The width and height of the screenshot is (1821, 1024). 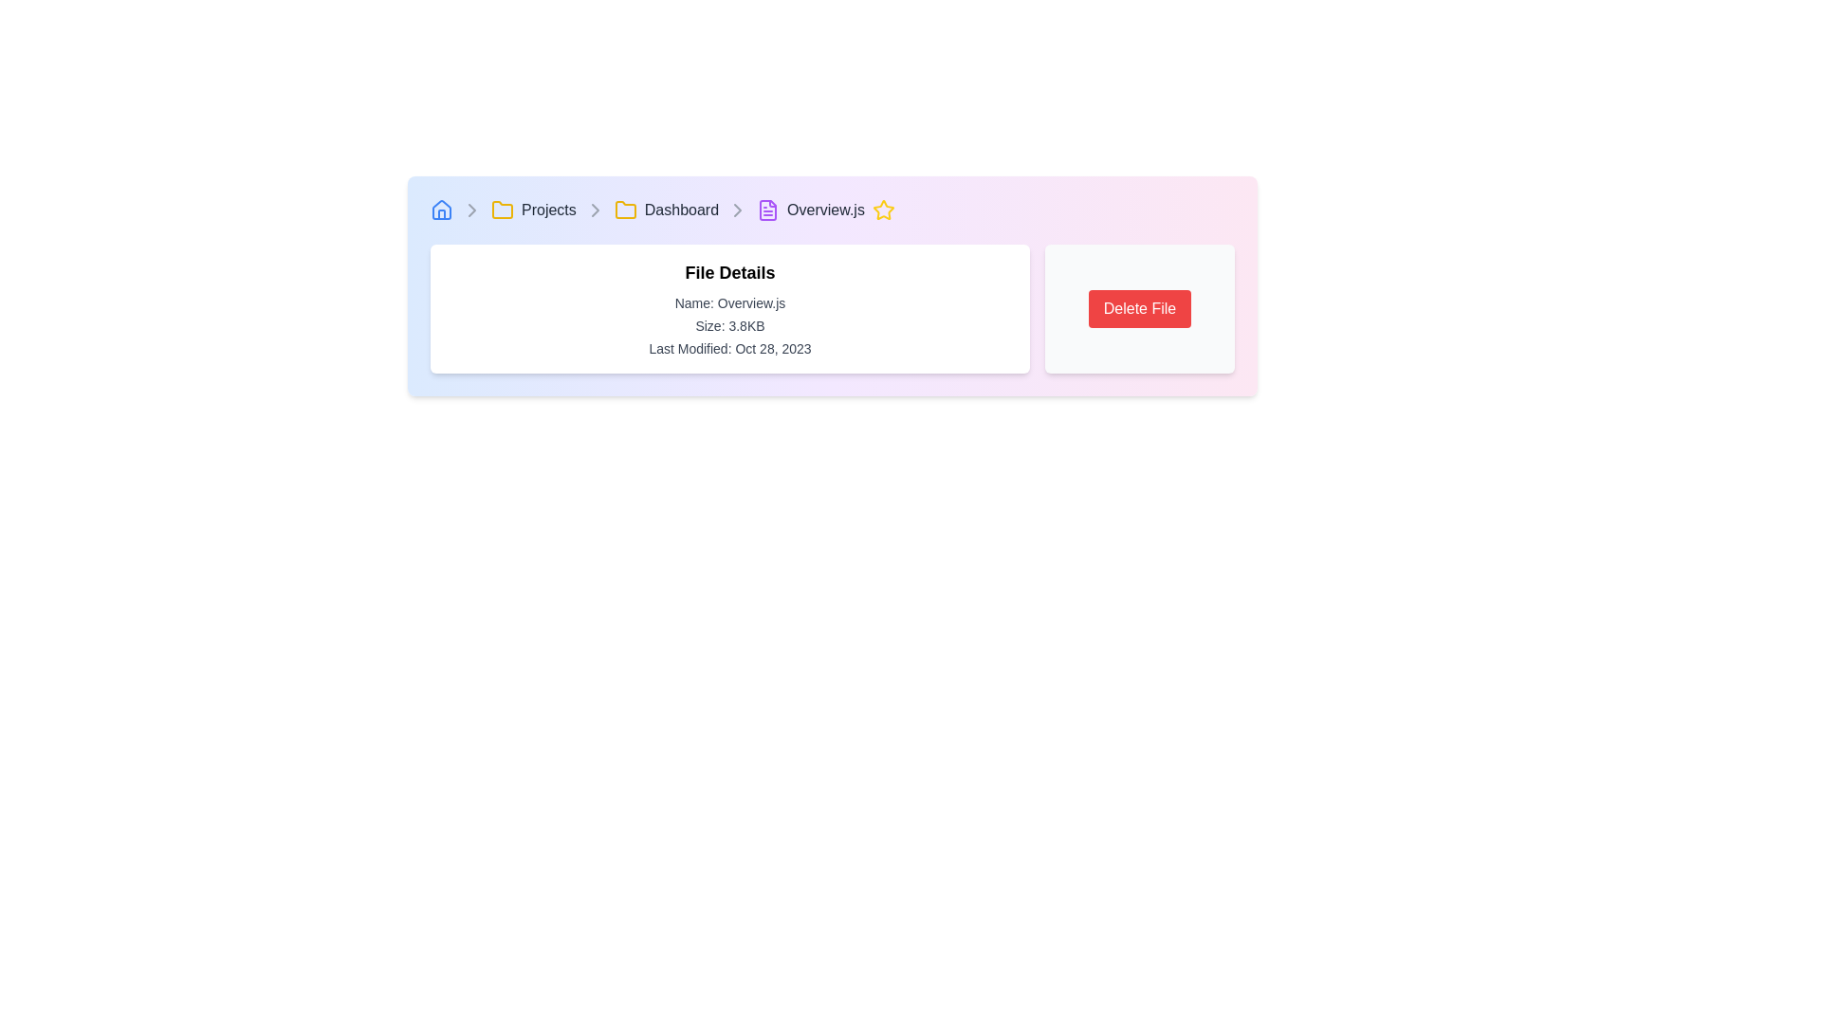 I want to click on the document icon with a purple outline and white background located in the breadcrumb section of the navigation bar, so click(x=768, y=210).